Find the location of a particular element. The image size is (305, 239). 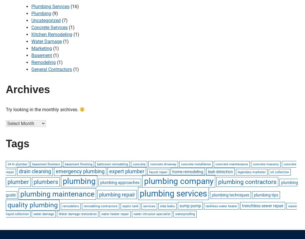

'water heater repair' is located at coordinates (101, 214).